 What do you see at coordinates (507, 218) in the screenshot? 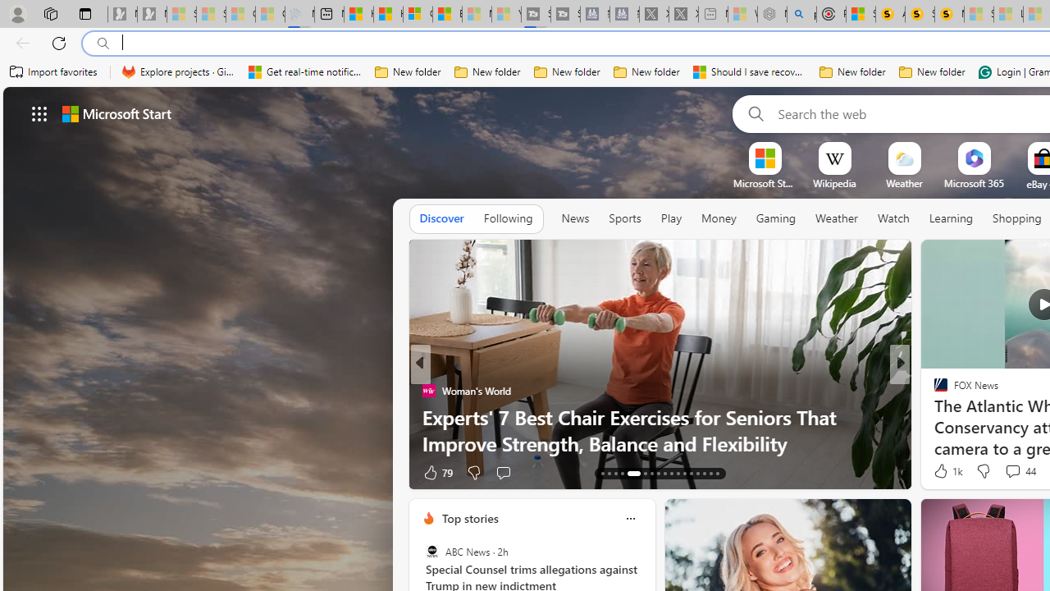
I see `'Following'` at bounding box center [507, 218].